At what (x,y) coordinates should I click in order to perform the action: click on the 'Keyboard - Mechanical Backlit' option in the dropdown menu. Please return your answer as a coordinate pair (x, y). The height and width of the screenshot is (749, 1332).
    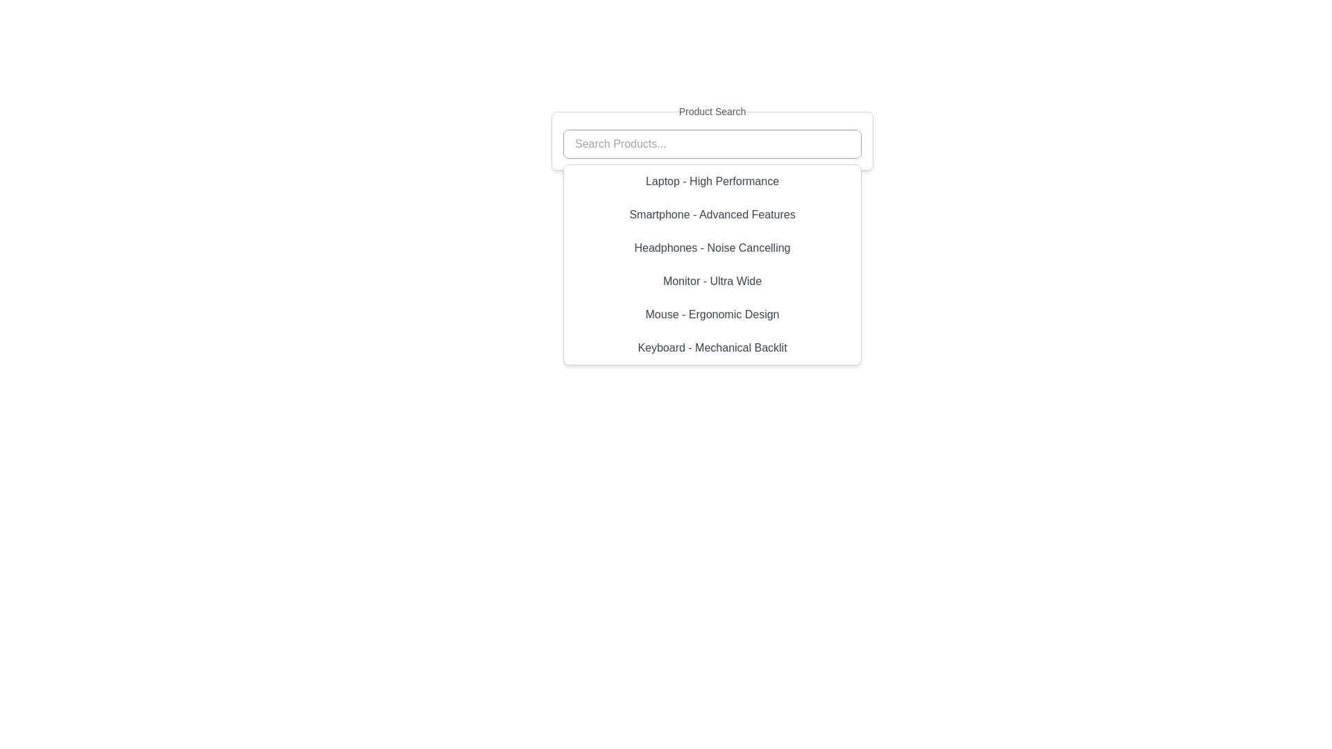
    Looking at the image, I should click on (712, 347).